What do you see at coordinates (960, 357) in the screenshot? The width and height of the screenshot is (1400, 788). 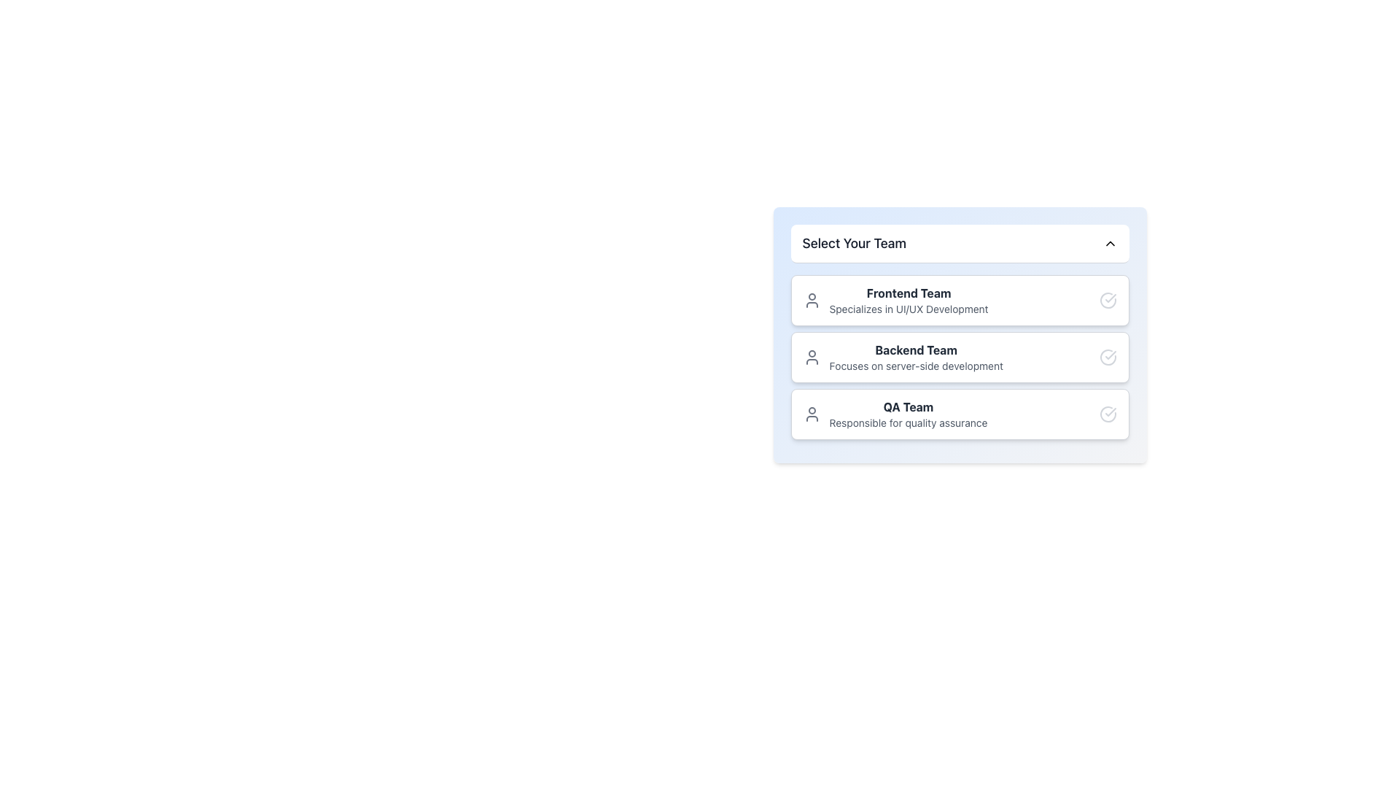 I see `the 'Backend Team' option in the 'Select Your Team' list, which is the second item located below 'Frontend Team' and above 'QA Team'` at bounding box center [960, 357].